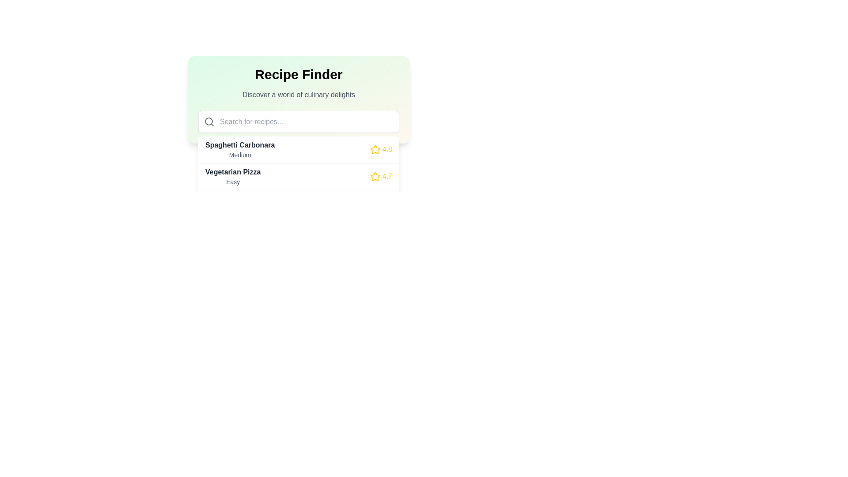 The image size is (848, 477). What do you see at coordinates (240, 149) in the screenshot?
I see `text label that serves as a descriptive label for the first item in the vertically stacked list, indicating the name and details of a recipe` at bounding box center [240, 149].